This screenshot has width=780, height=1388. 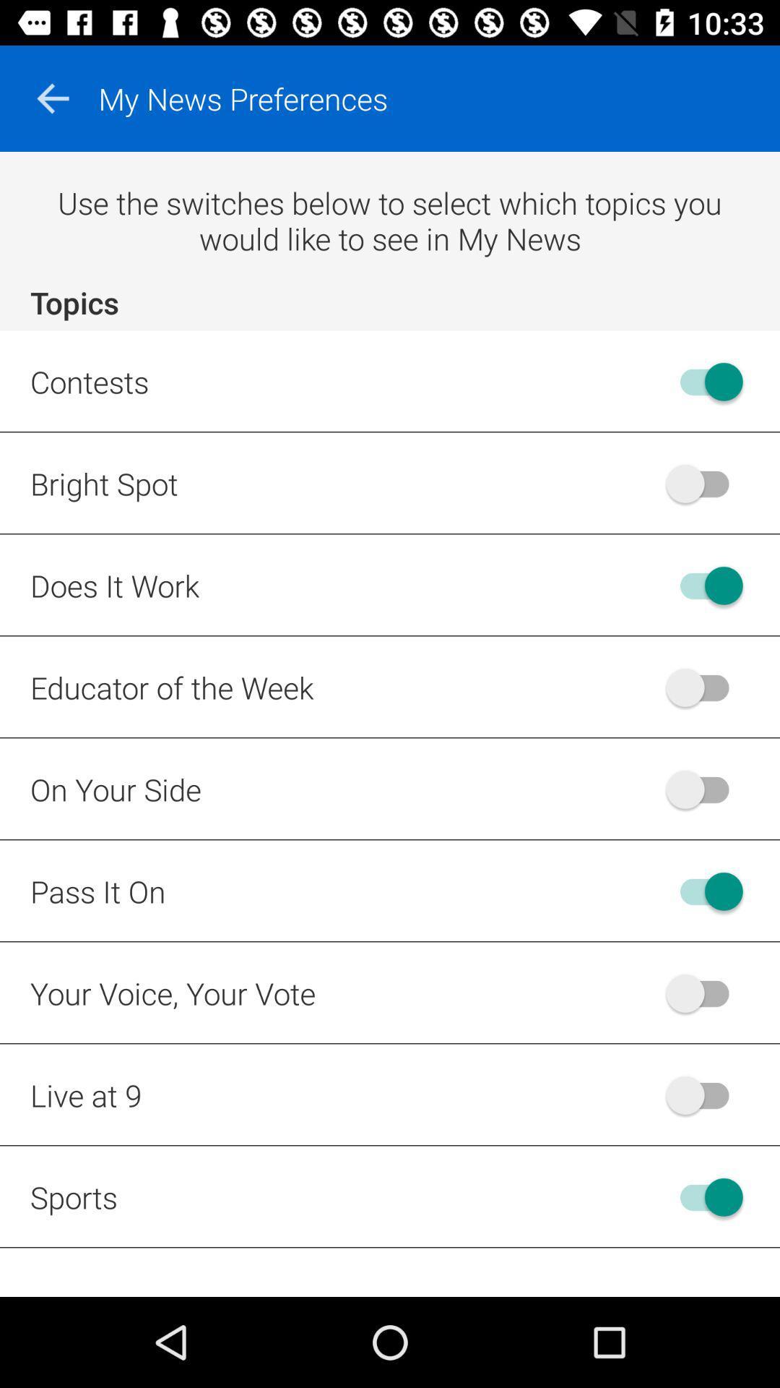 I want to click on turn off pass it on, so click(x=703, y=891).